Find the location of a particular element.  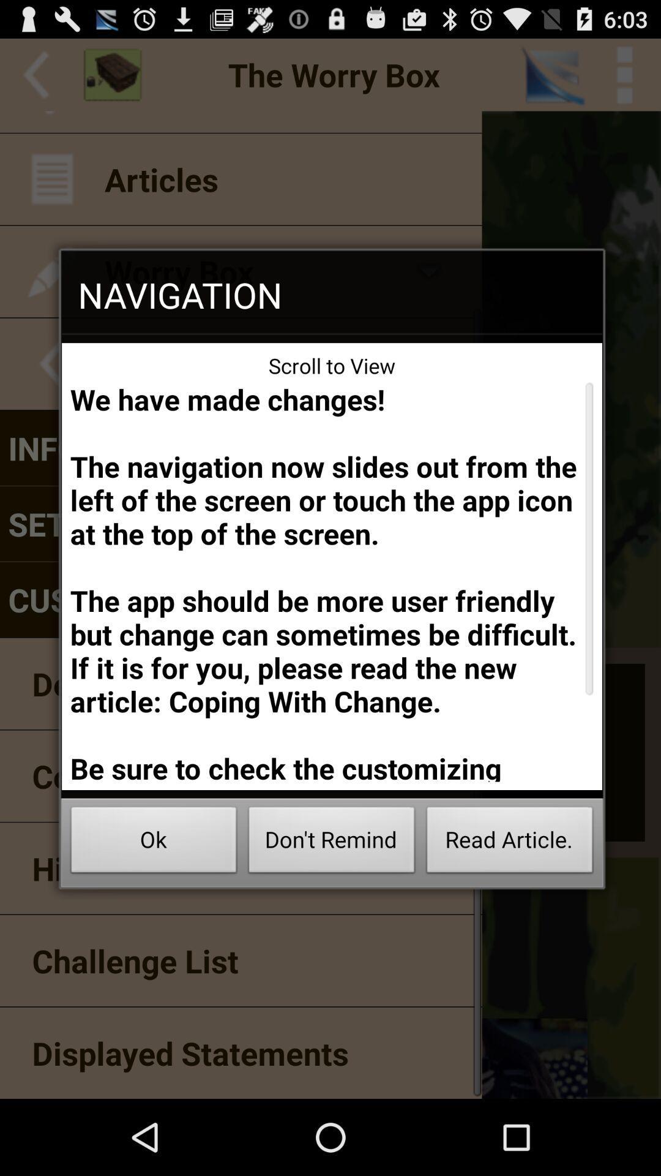

ok item is located at coordinates (153, 843).